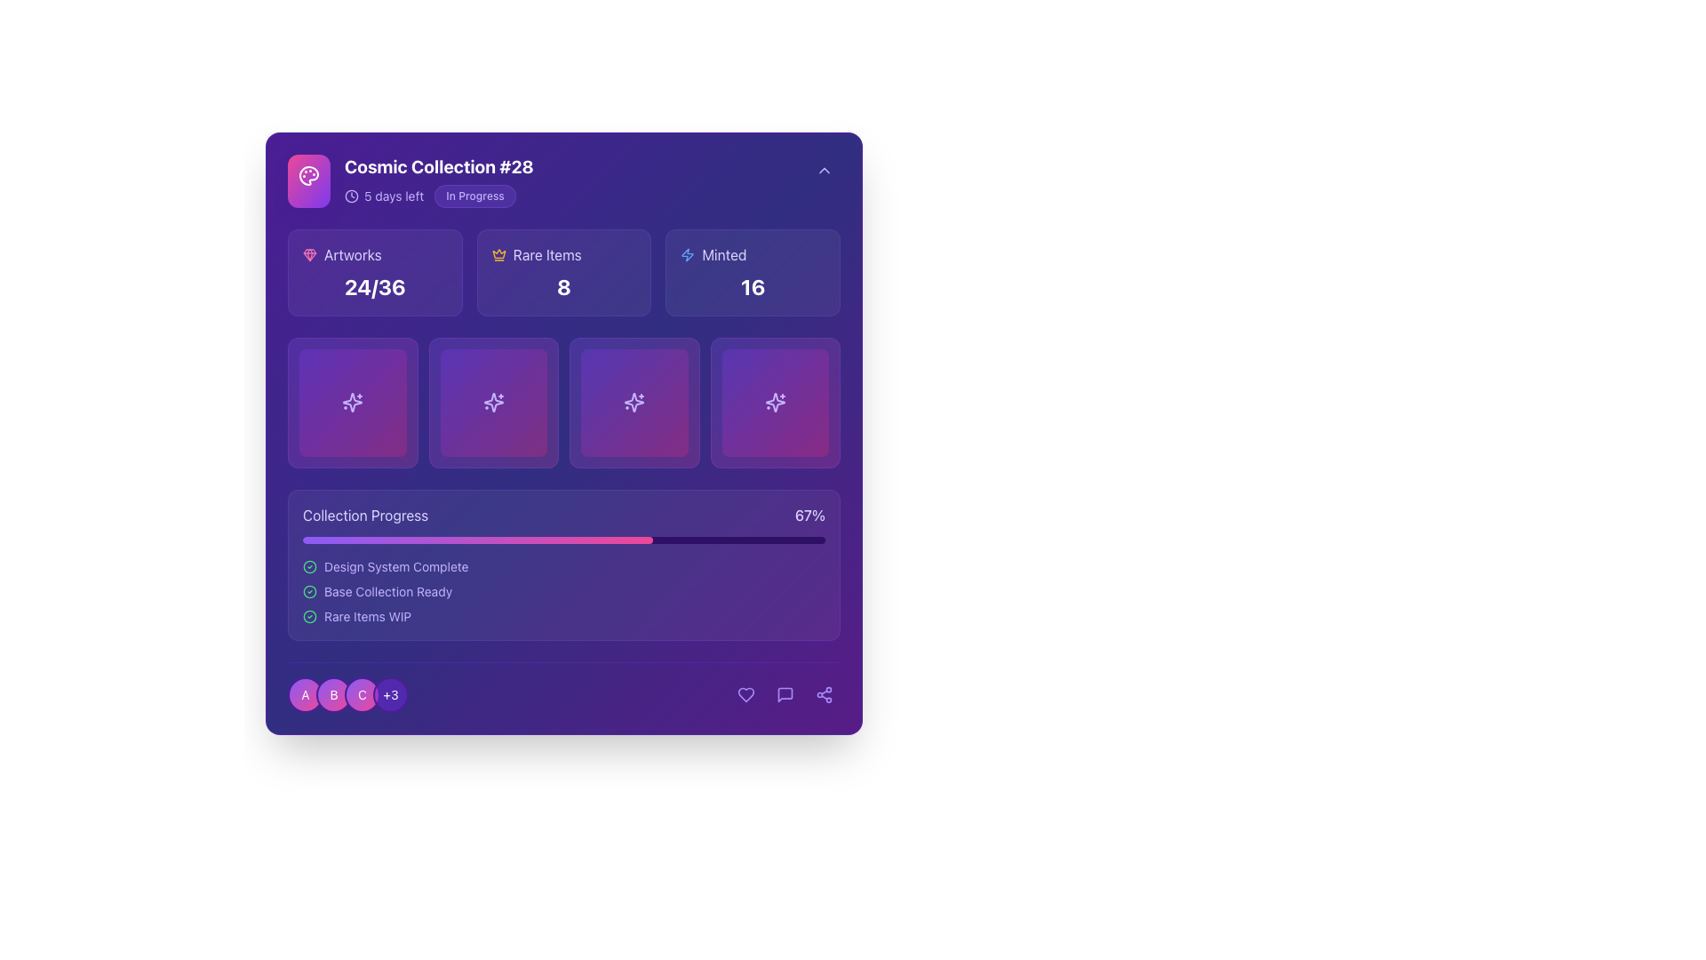 The width and height of the screenshot is (1706, 960). Describe the element at coordinates (310, 590) in the screenshot. I see `the 'Base Collection Ready' icon which marks the item as completed in the collection progress context, located to the left of the corresponding text` at that location.